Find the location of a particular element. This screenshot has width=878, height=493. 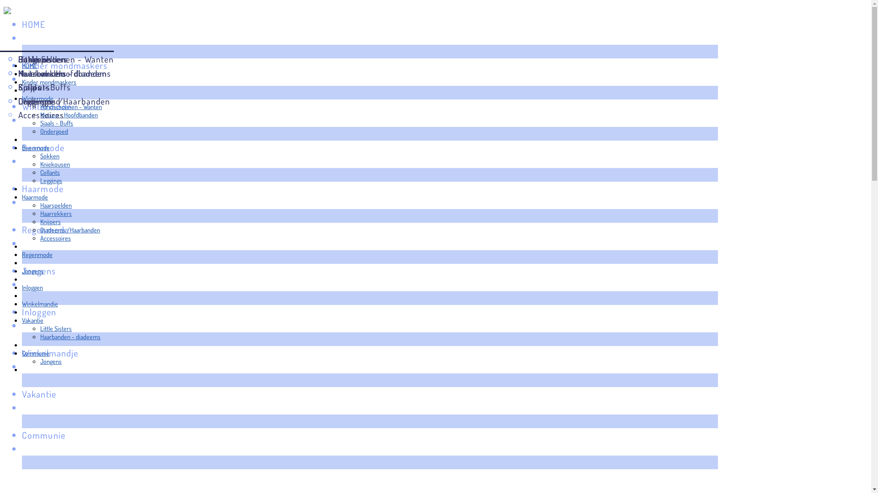

'Kinder mondmaskers' is located at coordinates (48, 81).